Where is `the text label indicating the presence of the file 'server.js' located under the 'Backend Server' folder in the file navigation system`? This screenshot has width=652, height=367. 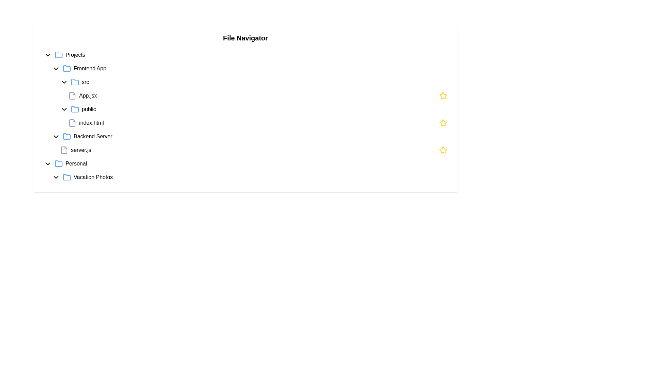
the text label indicating the presence of the file 'server.js' located under the 'Backend Server' folder in the file navigation system is located at coordinates (81, 150).